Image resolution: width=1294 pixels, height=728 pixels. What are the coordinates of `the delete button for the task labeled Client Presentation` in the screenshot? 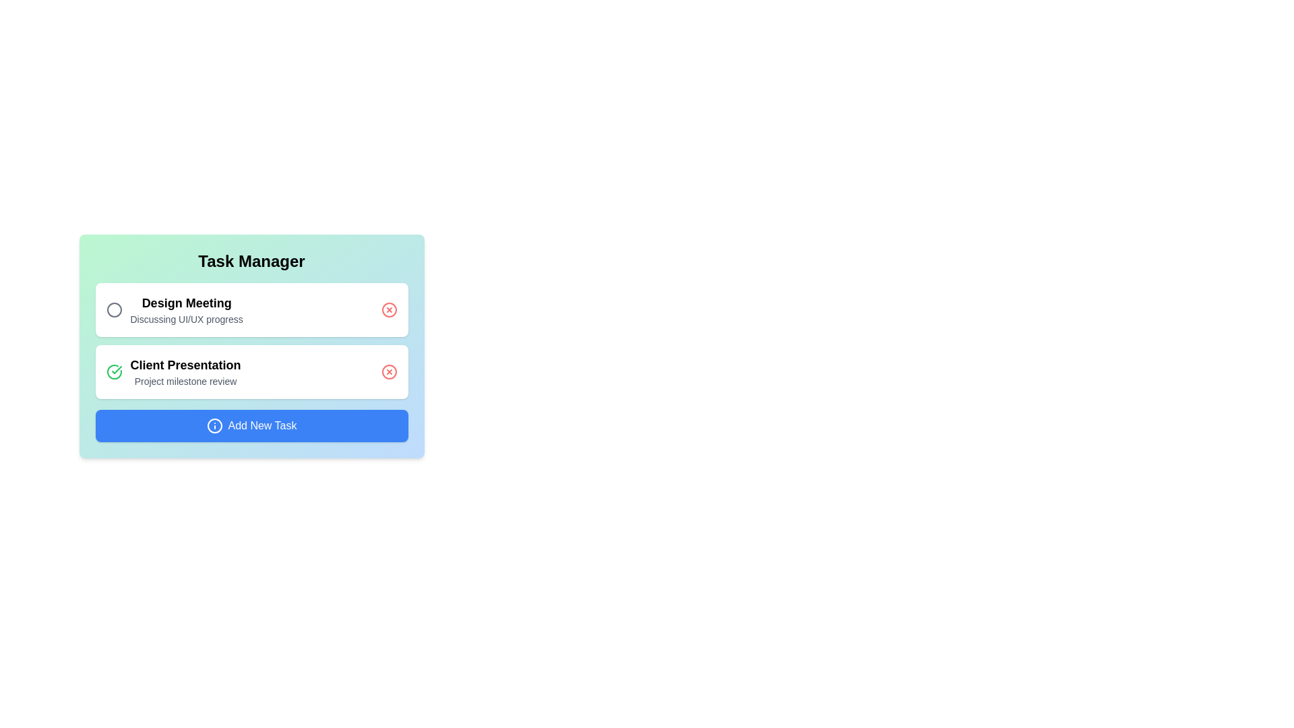 It's located at (388, 371).